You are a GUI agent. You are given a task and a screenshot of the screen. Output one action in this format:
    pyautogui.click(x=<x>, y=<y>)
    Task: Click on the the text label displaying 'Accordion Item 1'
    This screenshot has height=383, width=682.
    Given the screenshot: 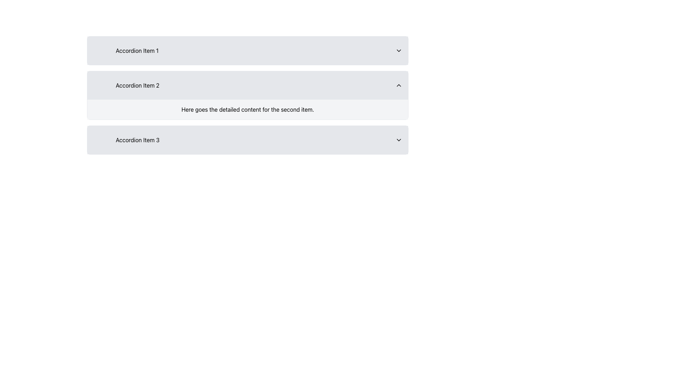 What is the action you would take?
    pyautogui.click(x=137, y=50)
    